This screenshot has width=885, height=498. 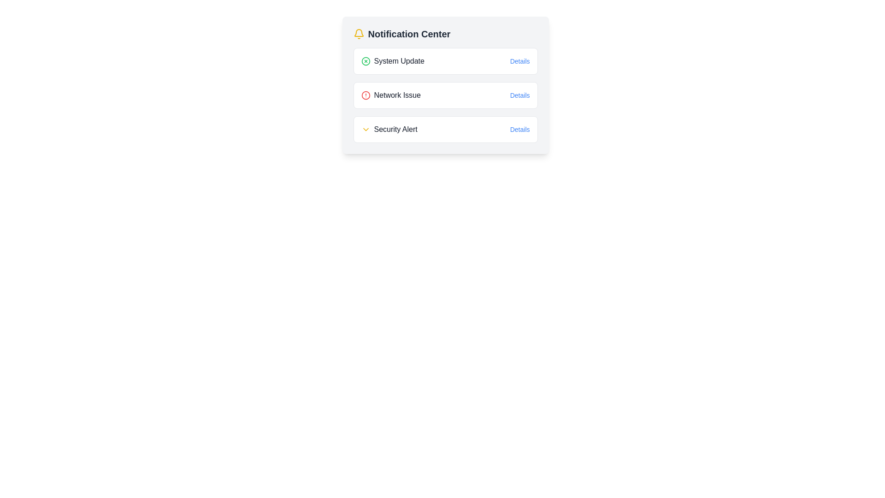 I want to click on the 'Details' text link associated with the 'System Update' notification, so click(x=520, y=61).